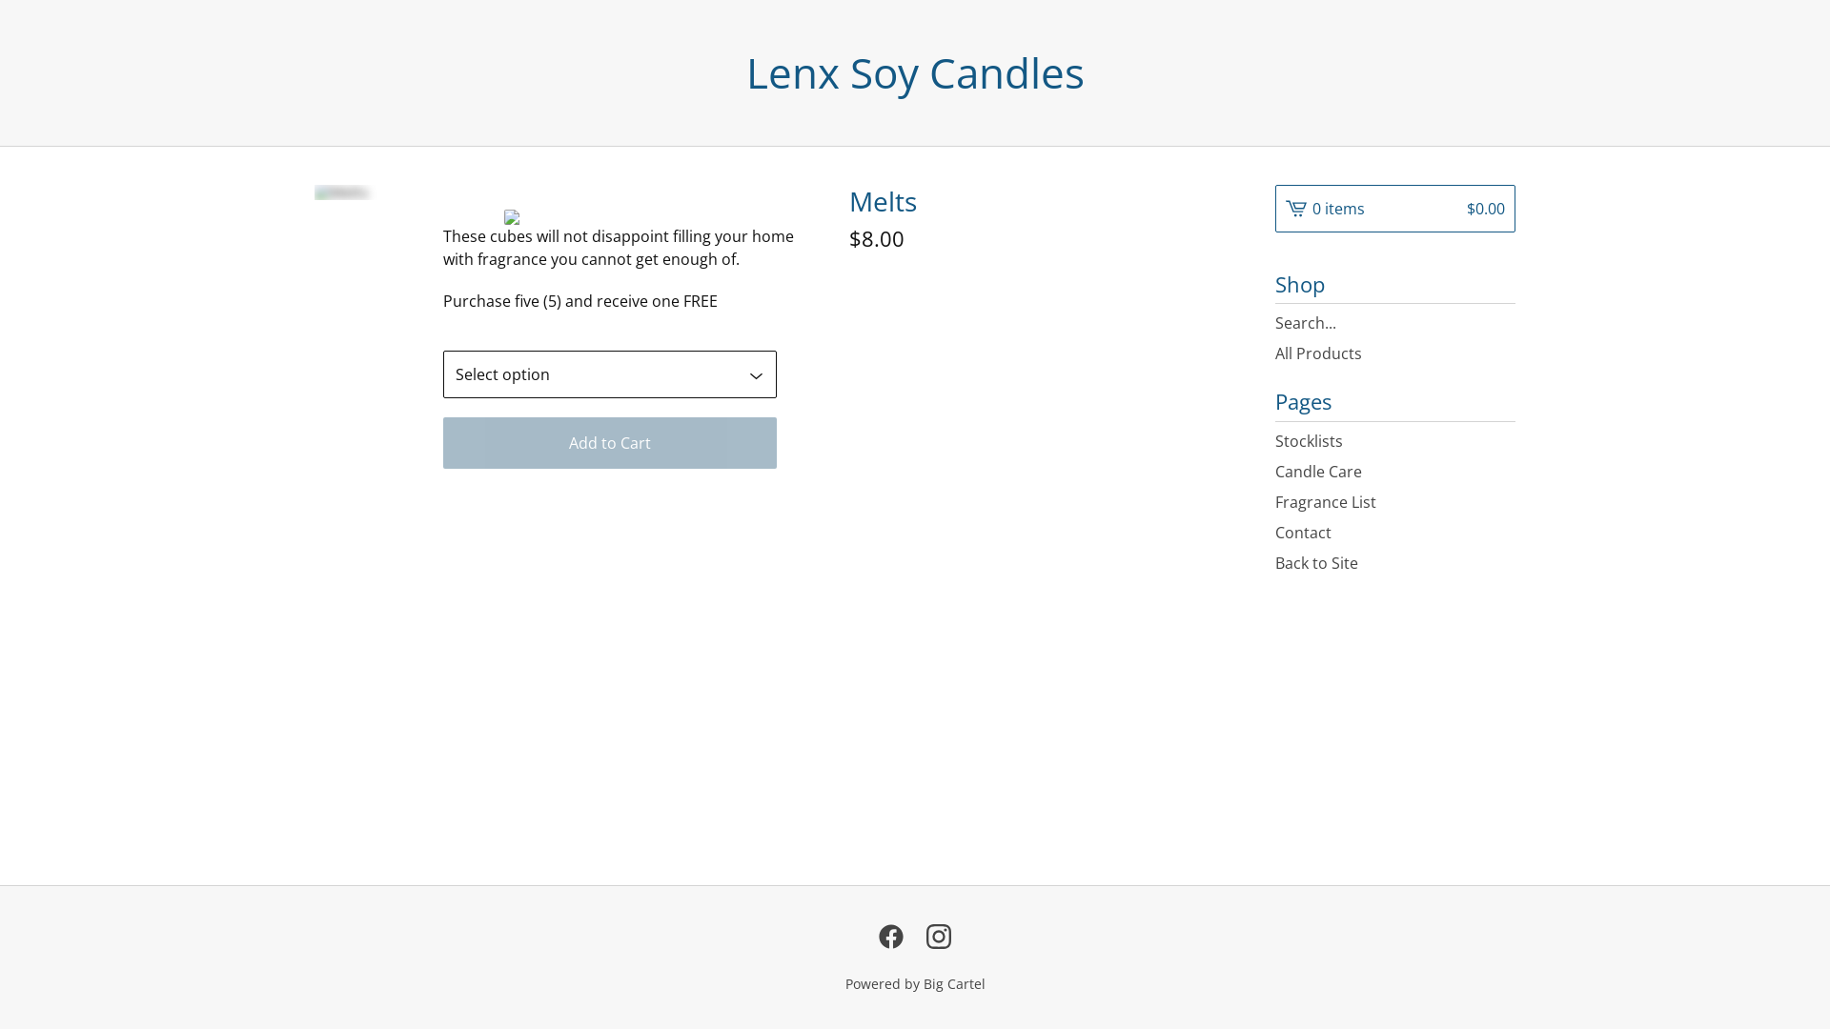 The width and height of the screenshot is (1830, 1029). What do you see at coordinates (1395, 440) in the screenshot?
I see `'Stocklists'` at bounding box center [1395, 440].